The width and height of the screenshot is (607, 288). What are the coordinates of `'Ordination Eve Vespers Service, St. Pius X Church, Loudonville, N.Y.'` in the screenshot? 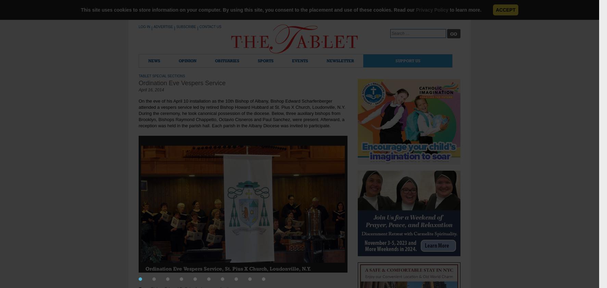 It's located at (228, 268).